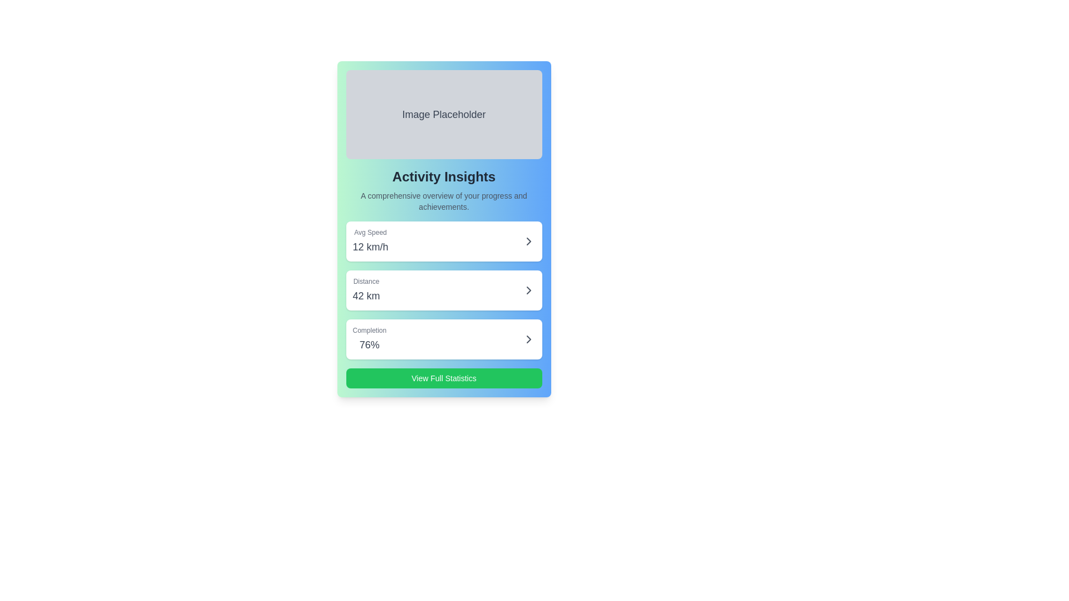 This screenshot has width=1069, height=601. What do you see at coordinates (370, 231) in the screenshot?
I see `the label indicating average speed, positioned above the numeric data and unit label '12 km/h'` at bounding box center [370, 231].